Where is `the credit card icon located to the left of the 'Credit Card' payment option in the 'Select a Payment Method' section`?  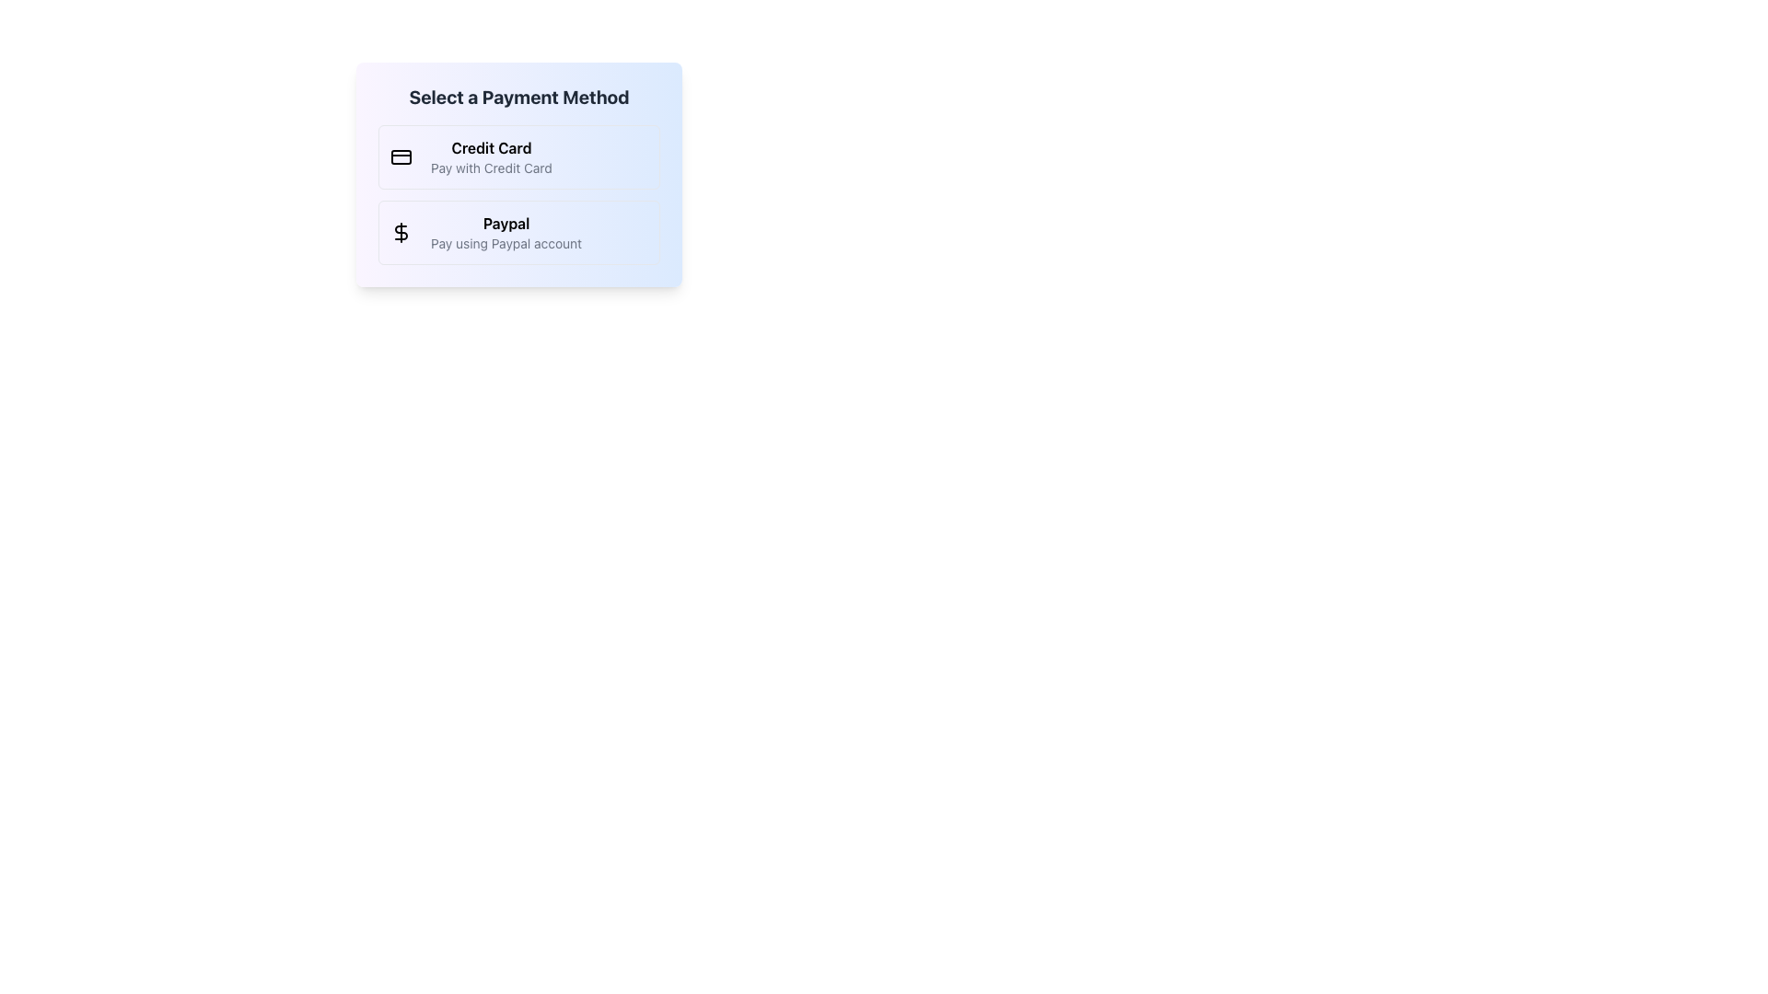
the credit card icon located to the left of the 'Credit Card' payment option in the 'Select a Payment Method' section is located at coordinates (401, 156).